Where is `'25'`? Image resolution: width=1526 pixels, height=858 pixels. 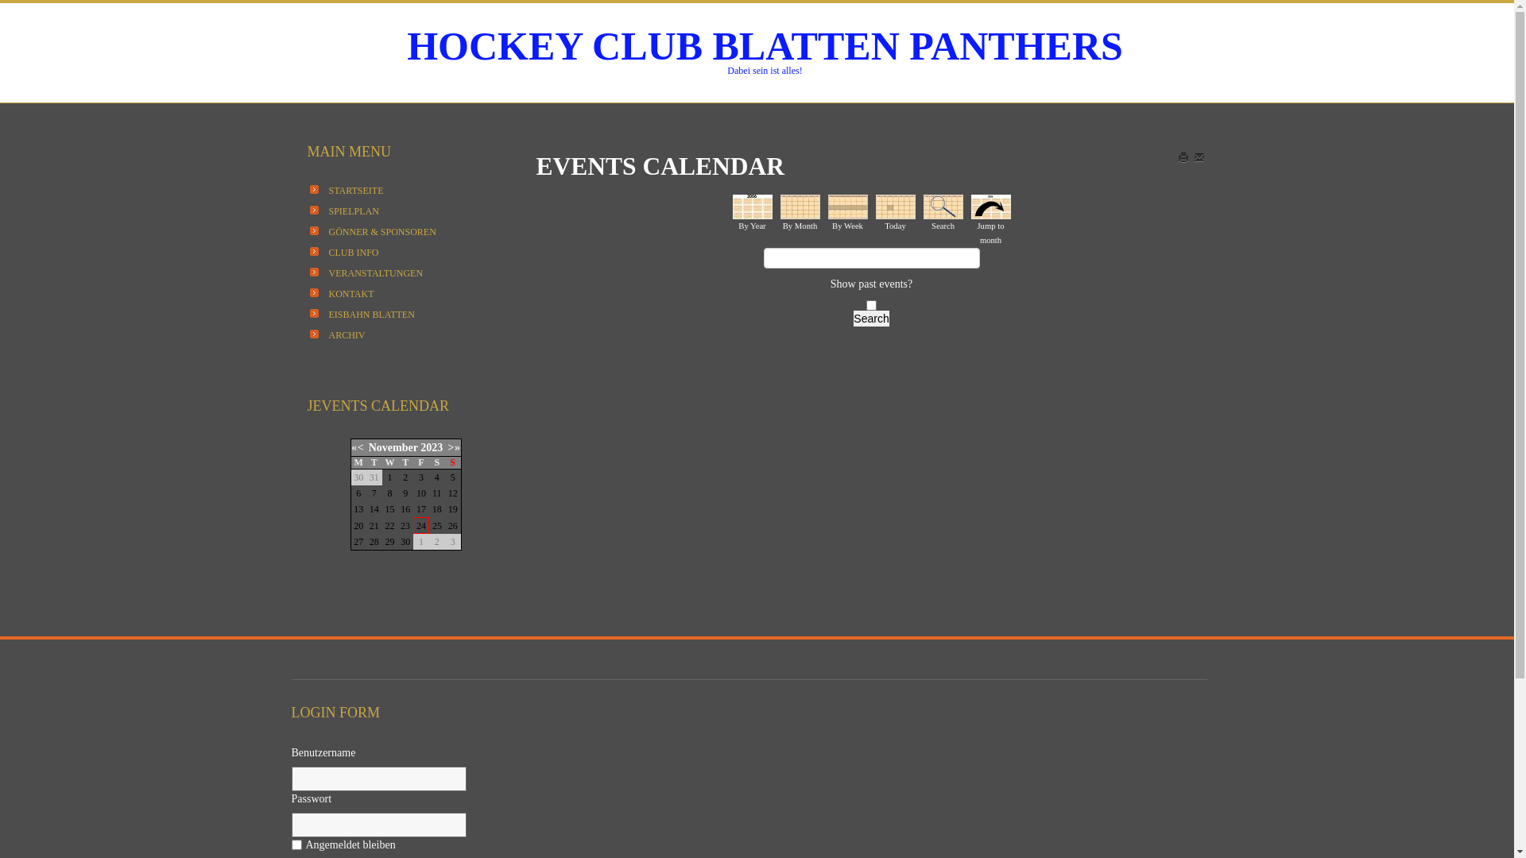 '25' is located at coordinates (432, 524).